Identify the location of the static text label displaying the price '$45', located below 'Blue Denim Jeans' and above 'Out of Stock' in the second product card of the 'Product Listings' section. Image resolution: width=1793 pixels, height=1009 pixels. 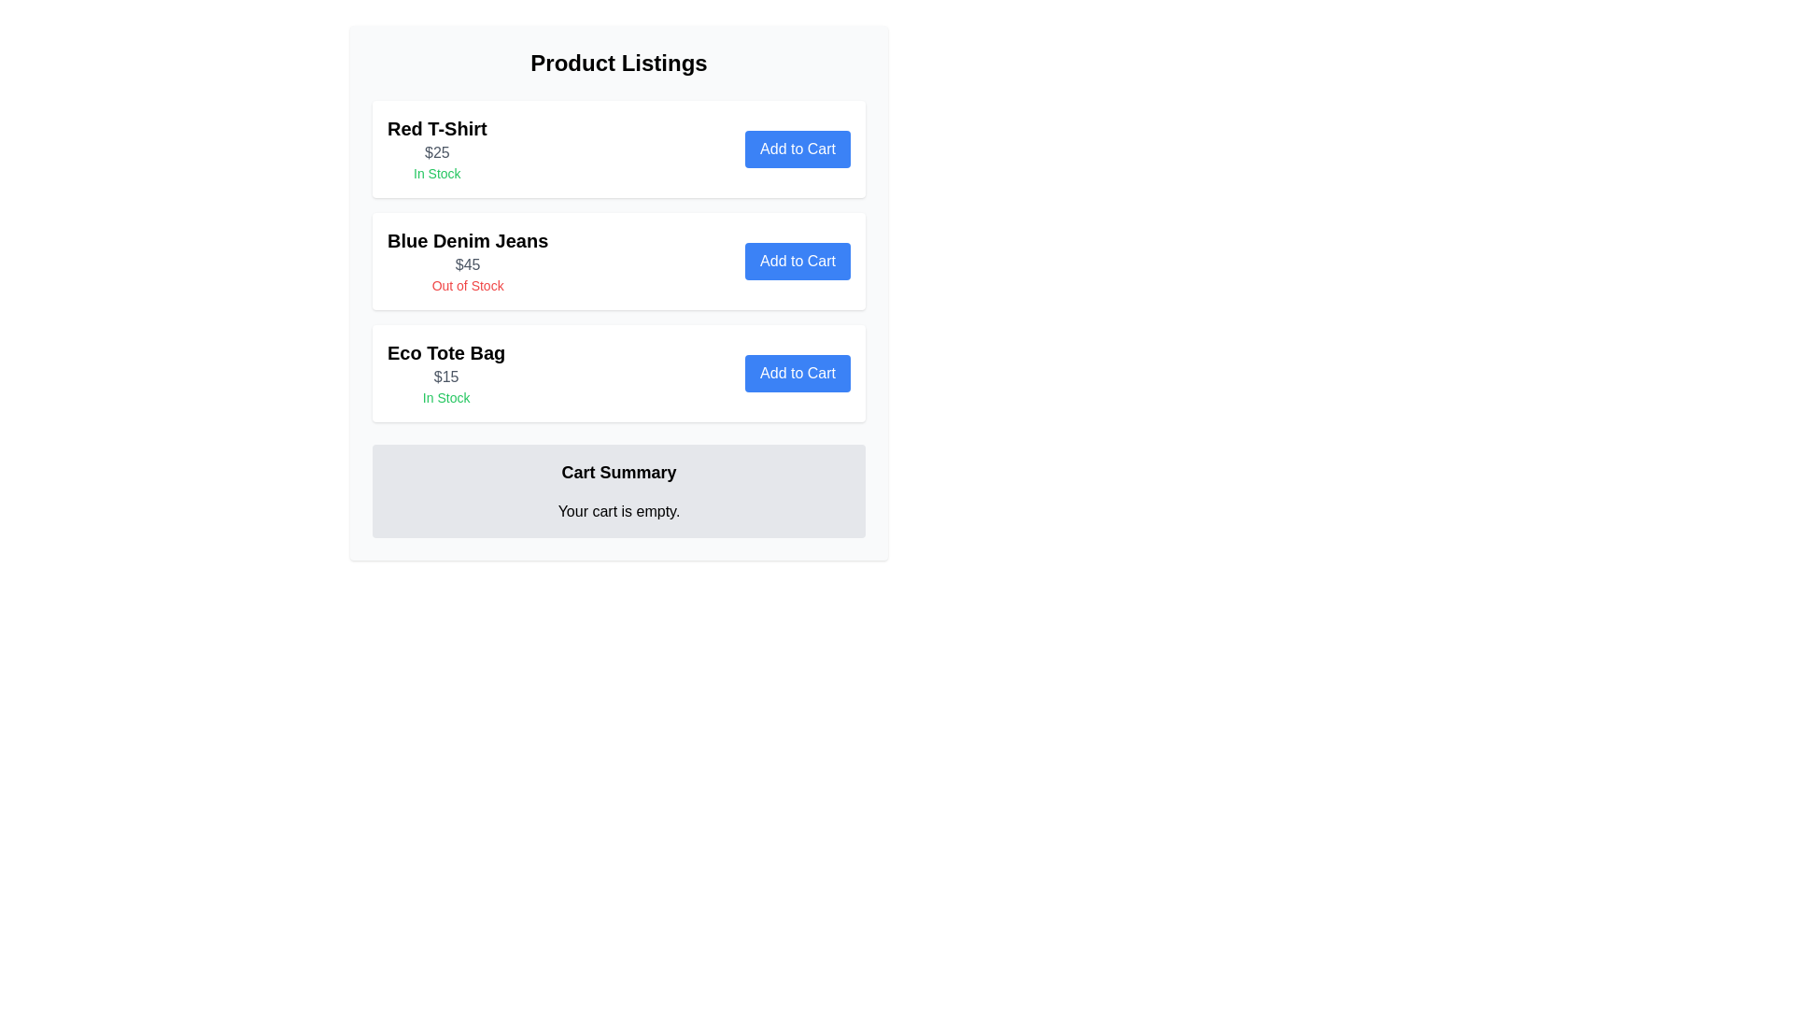
(468, 265).